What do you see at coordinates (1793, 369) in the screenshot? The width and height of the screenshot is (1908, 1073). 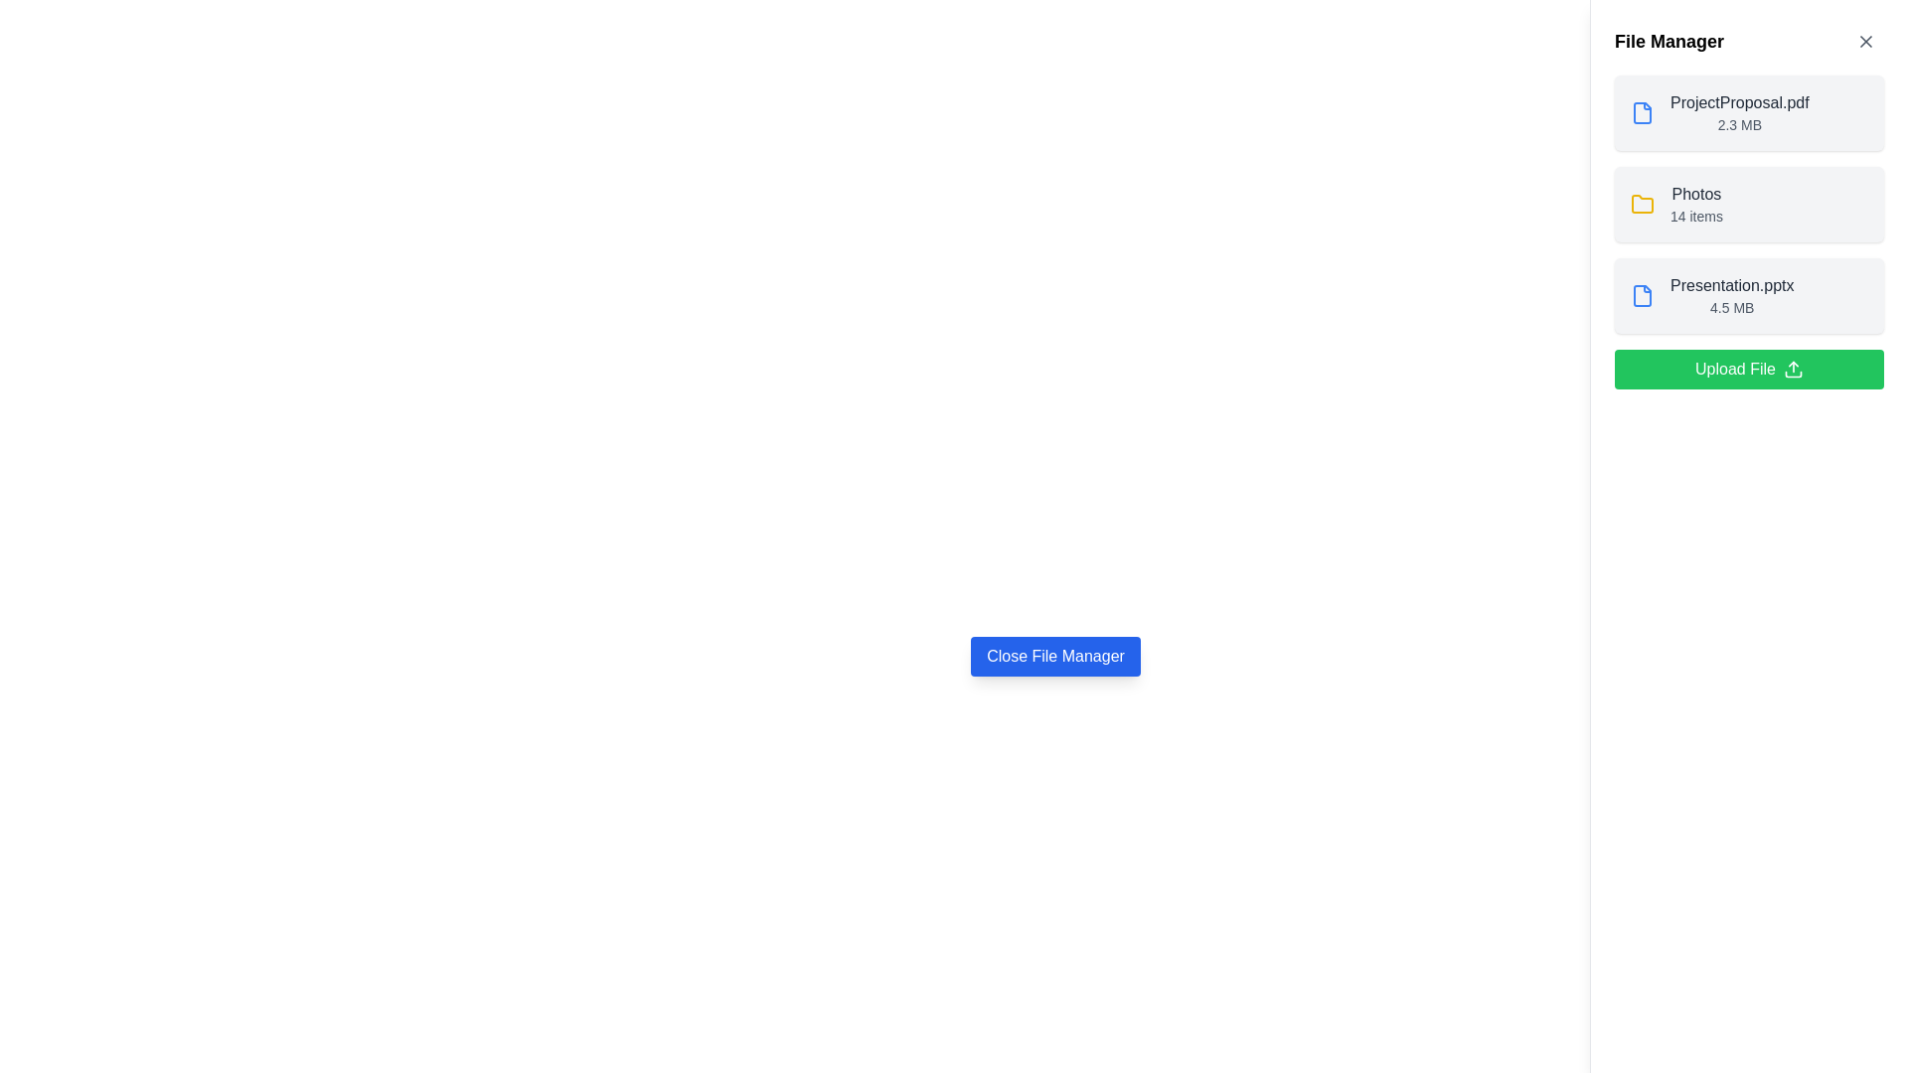 I see `the small upload icon with an upward-pointing arrow, located inside the 'Upload File' button on the right side` at bounding box center [1793, 369].